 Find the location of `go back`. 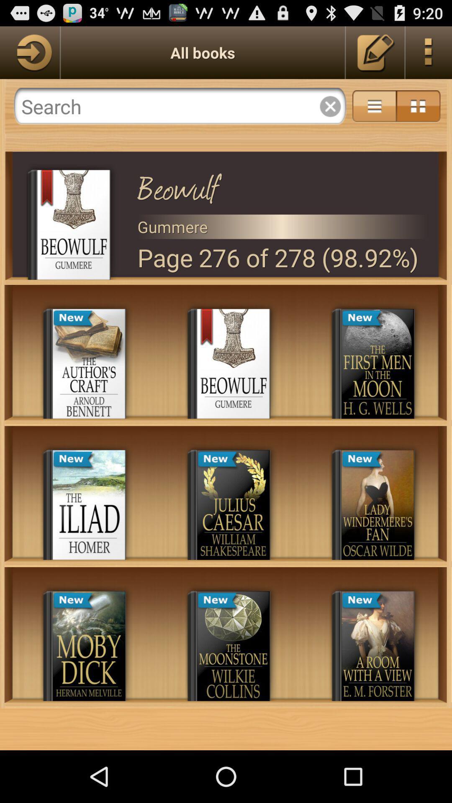

go back is located at coordinates (29, 52).